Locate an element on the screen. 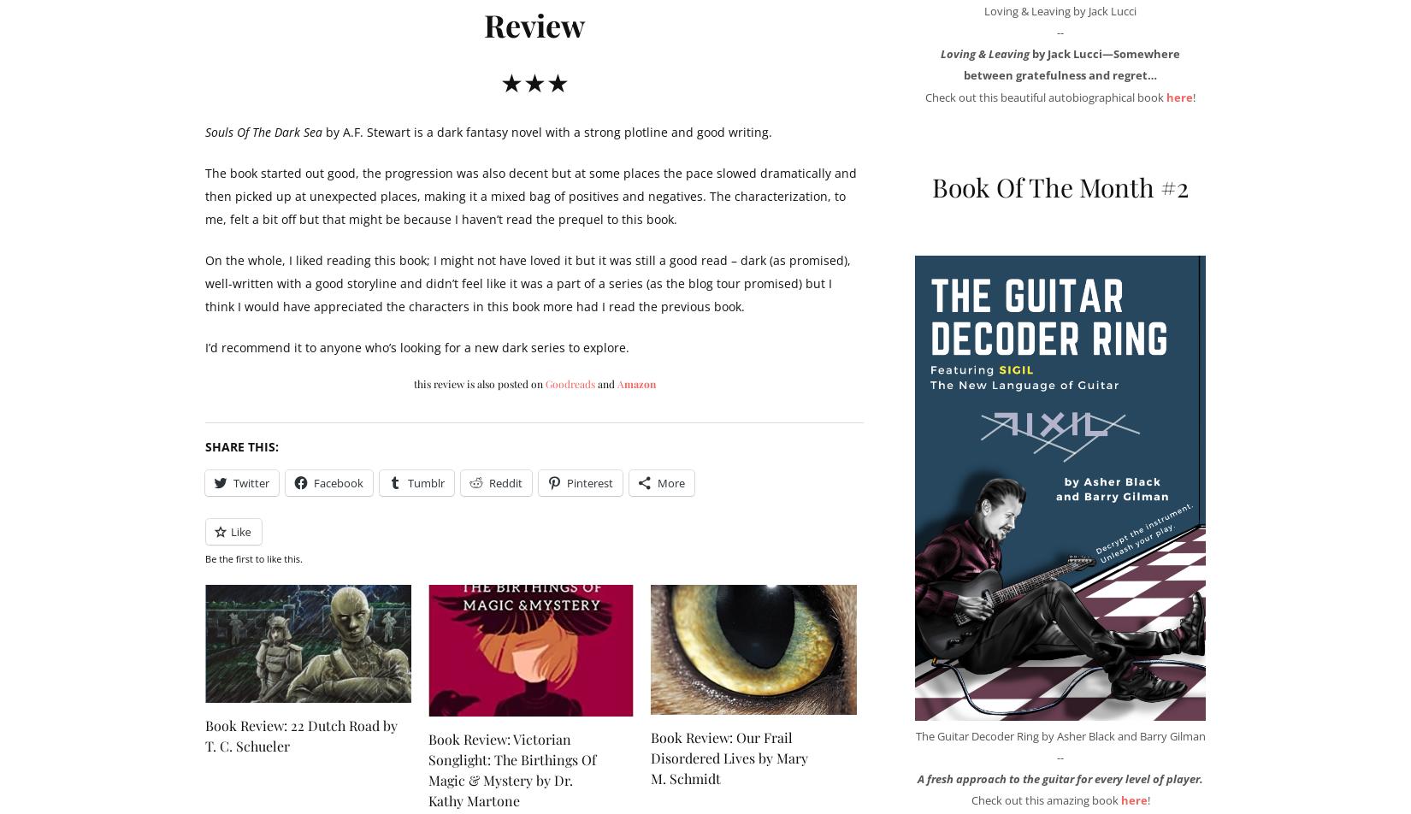 Image resolution: width=1411 pixels, height=814 pixels. 'A' is located at coordinates (616, 383).